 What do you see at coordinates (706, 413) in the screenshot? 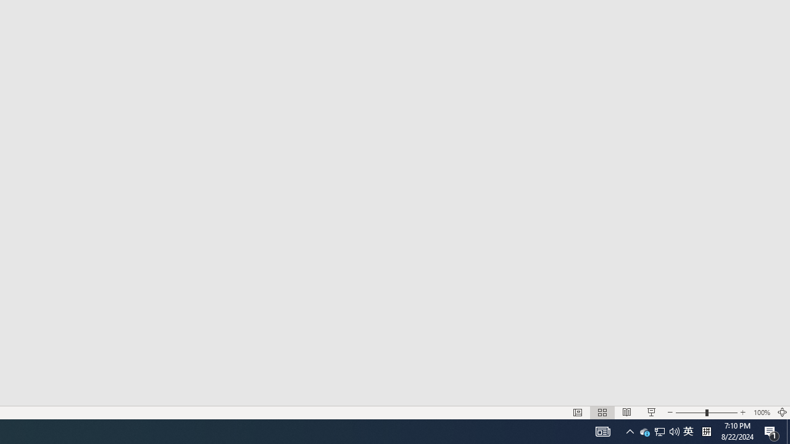
I see `'Zoom'` at bounding box center [706, 413].